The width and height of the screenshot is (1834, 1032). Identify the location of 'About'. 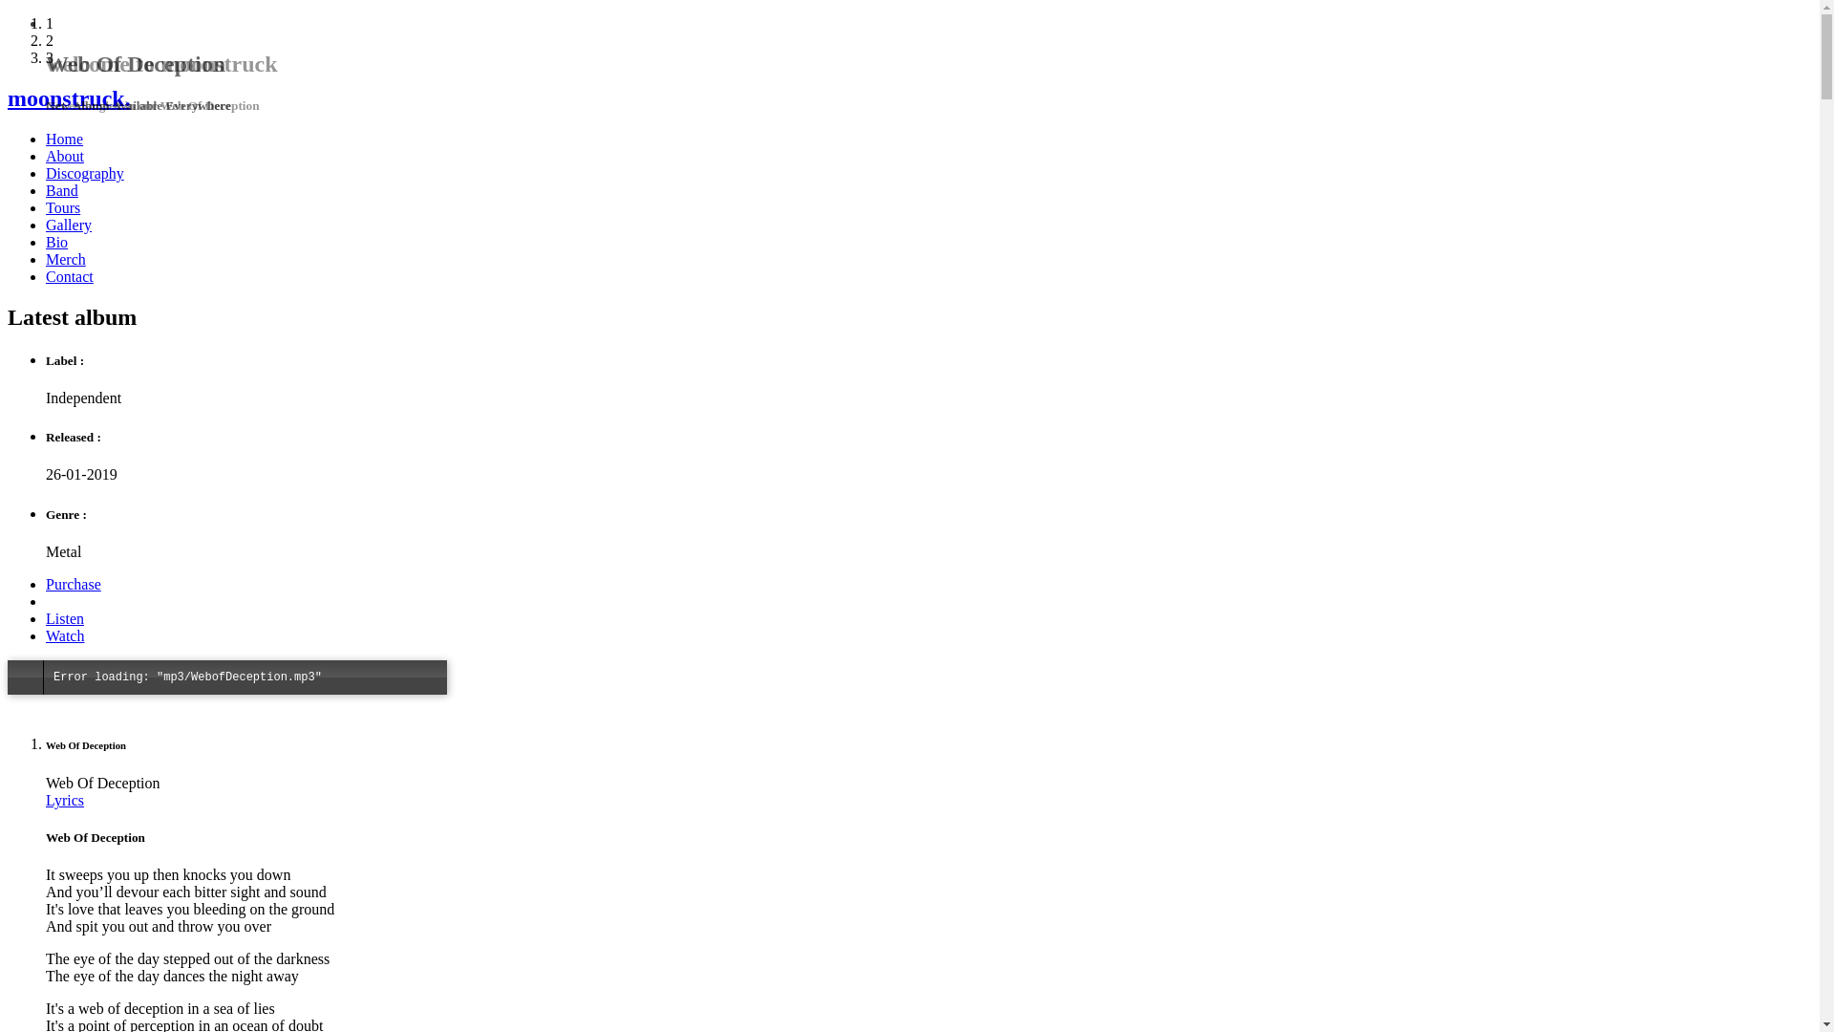
(64, 155).